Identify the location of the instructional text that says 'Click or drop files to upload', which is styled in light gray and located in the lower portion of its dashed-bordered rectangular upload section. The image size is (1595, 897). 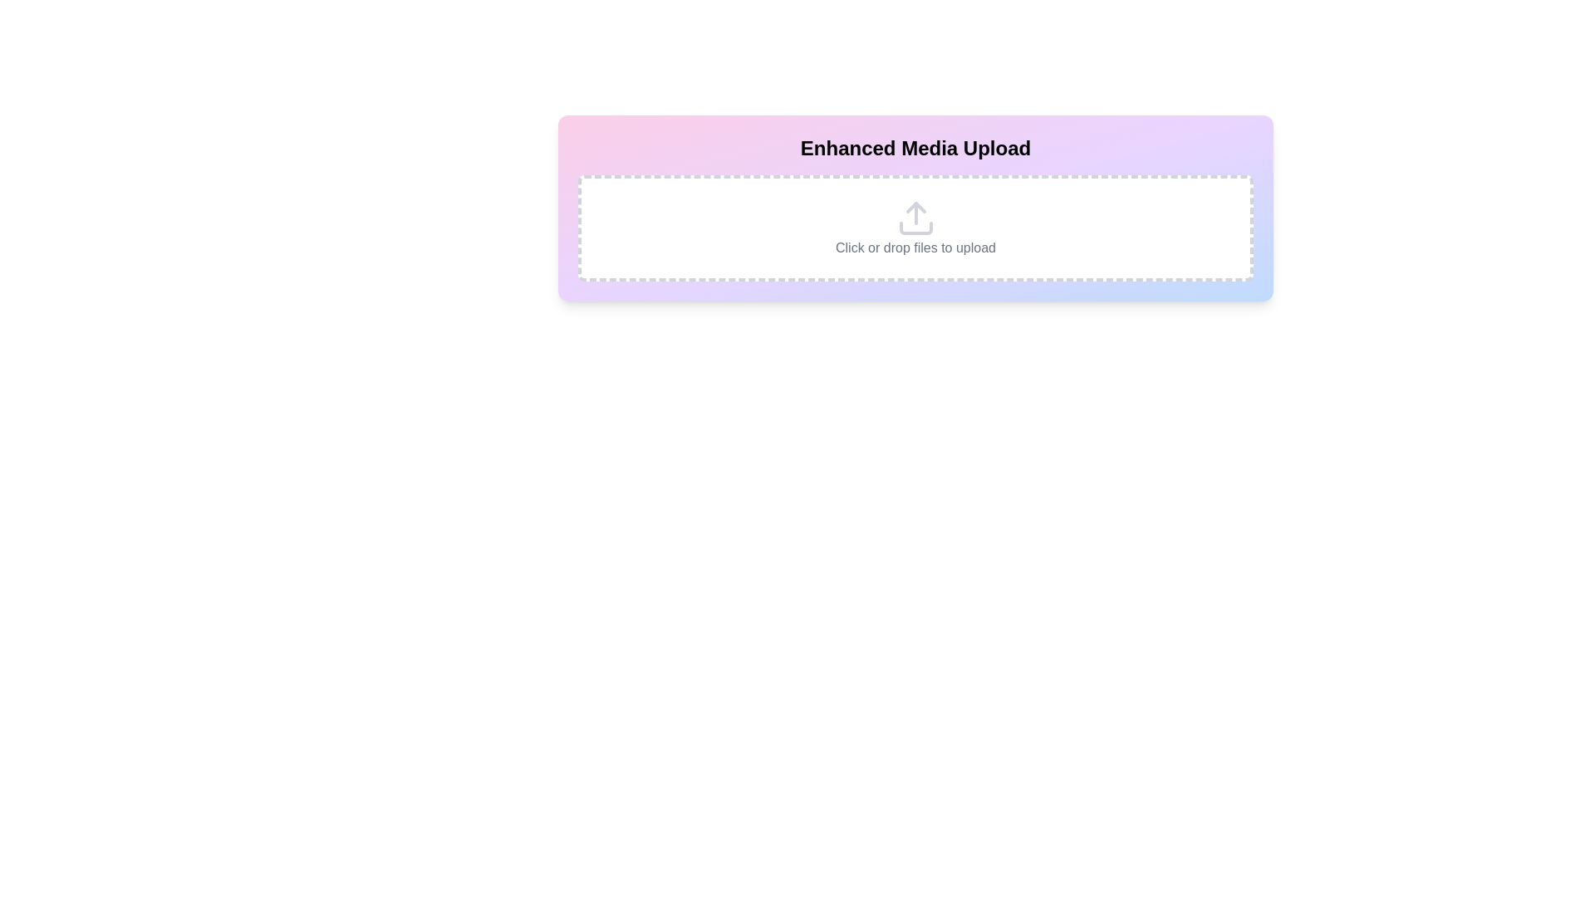
(915, 248).